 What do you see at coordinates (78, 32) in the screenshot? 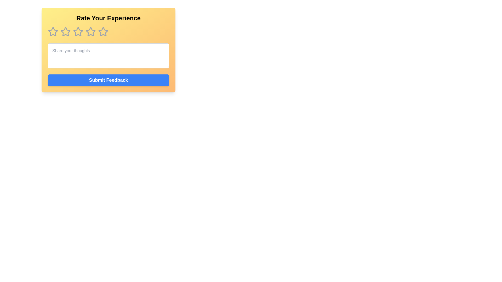
I see `the second yellow star icon in the rating system to rate at level 2` at bounding box center [78, 32].